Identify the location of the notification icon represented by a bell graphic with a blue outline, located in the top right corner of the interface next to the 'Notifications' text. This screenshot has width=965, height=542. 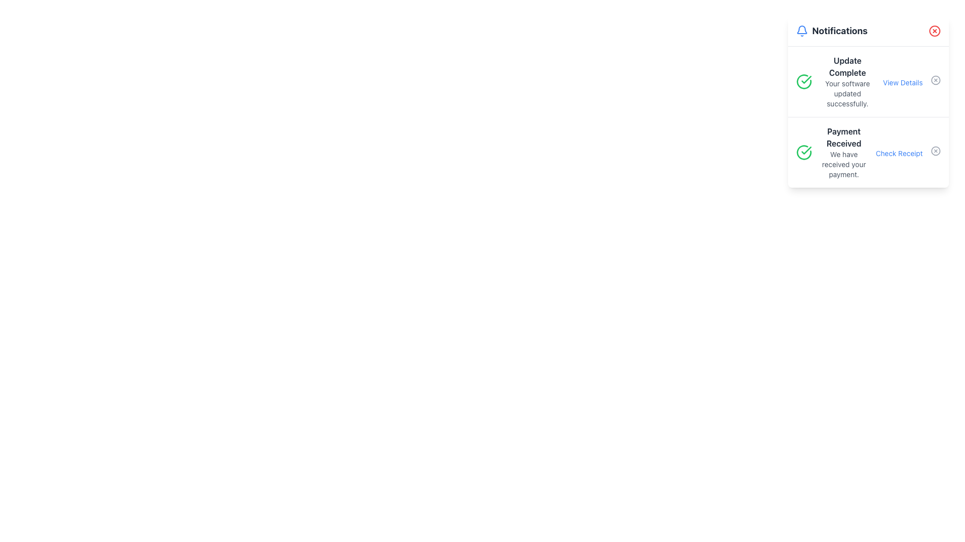
(802, 30).